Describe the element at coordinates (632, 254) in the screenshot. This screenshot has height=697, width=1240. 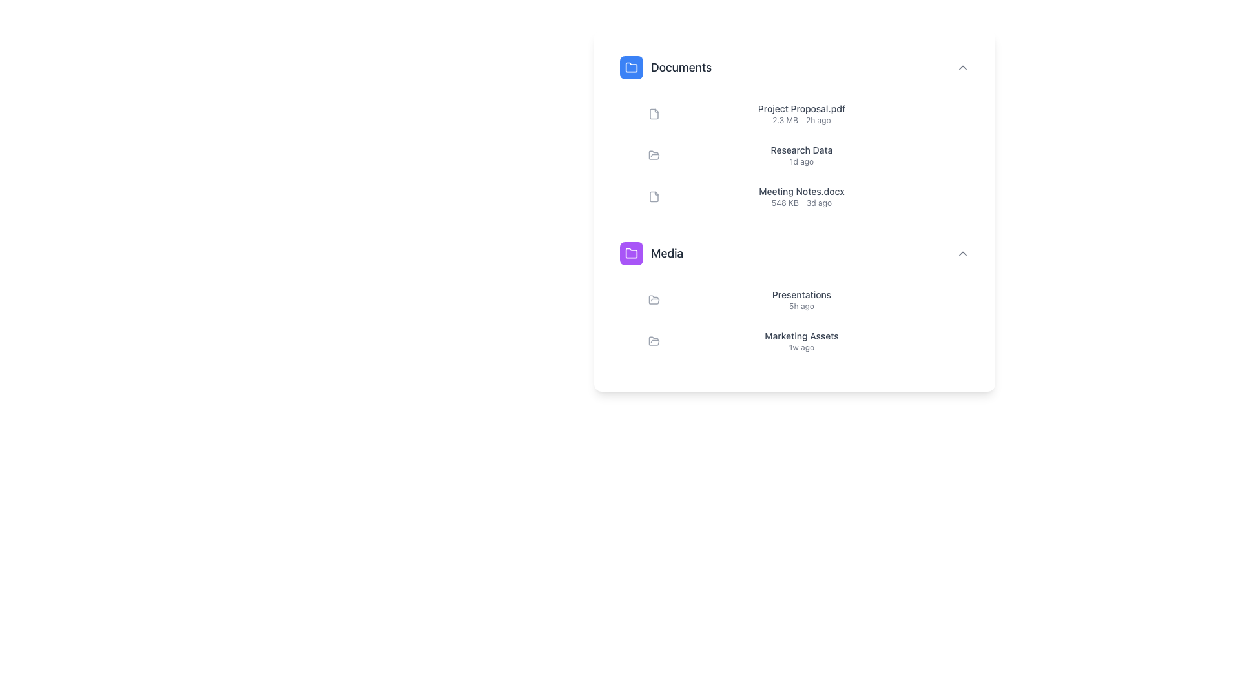
I see `the small folder icon with a purple background and white outline located in the 'Media' section, immediately to the left of the 'Media' label text` at that location.